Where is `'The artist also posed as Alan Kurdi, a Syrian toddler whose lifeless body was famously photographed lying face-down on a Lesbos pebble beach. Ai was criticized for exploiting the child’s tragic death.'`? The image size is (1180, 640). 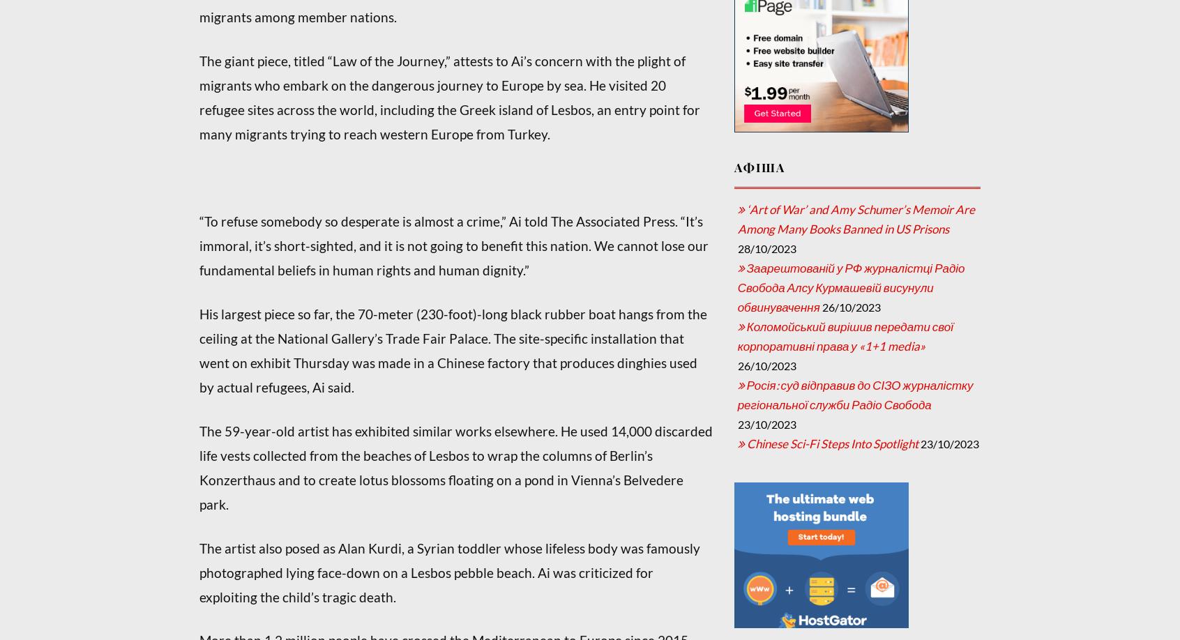
'The artist also posed as Alan Kurdi, a Syrian toddler whose lifeless body was famously photographed lying face-down on a Lesbos pebble beach. Ai was criticized for exploiting the child’s tragic death.' is located at coordinates (449, 572).